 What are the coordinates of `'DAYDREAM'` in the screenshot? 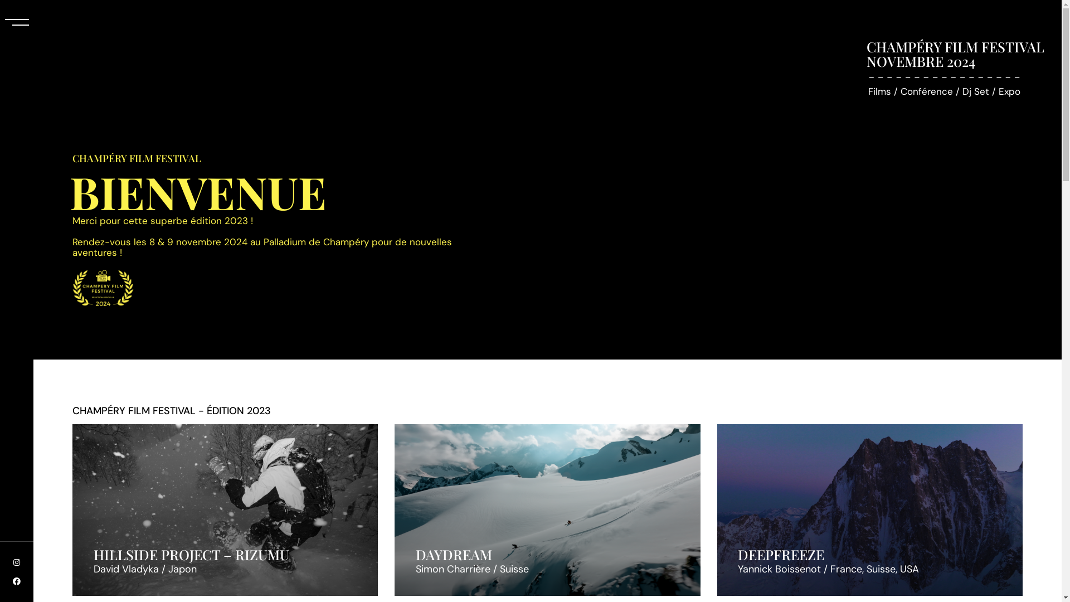 It's located at (454, 554).